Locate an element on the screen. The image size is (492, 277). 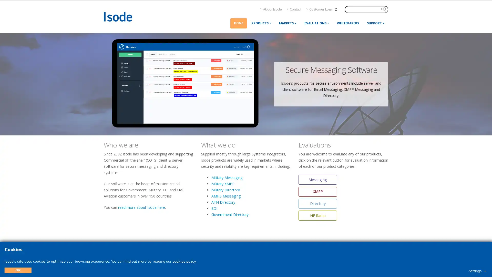
XMPP is located at coordinates (317, 191).